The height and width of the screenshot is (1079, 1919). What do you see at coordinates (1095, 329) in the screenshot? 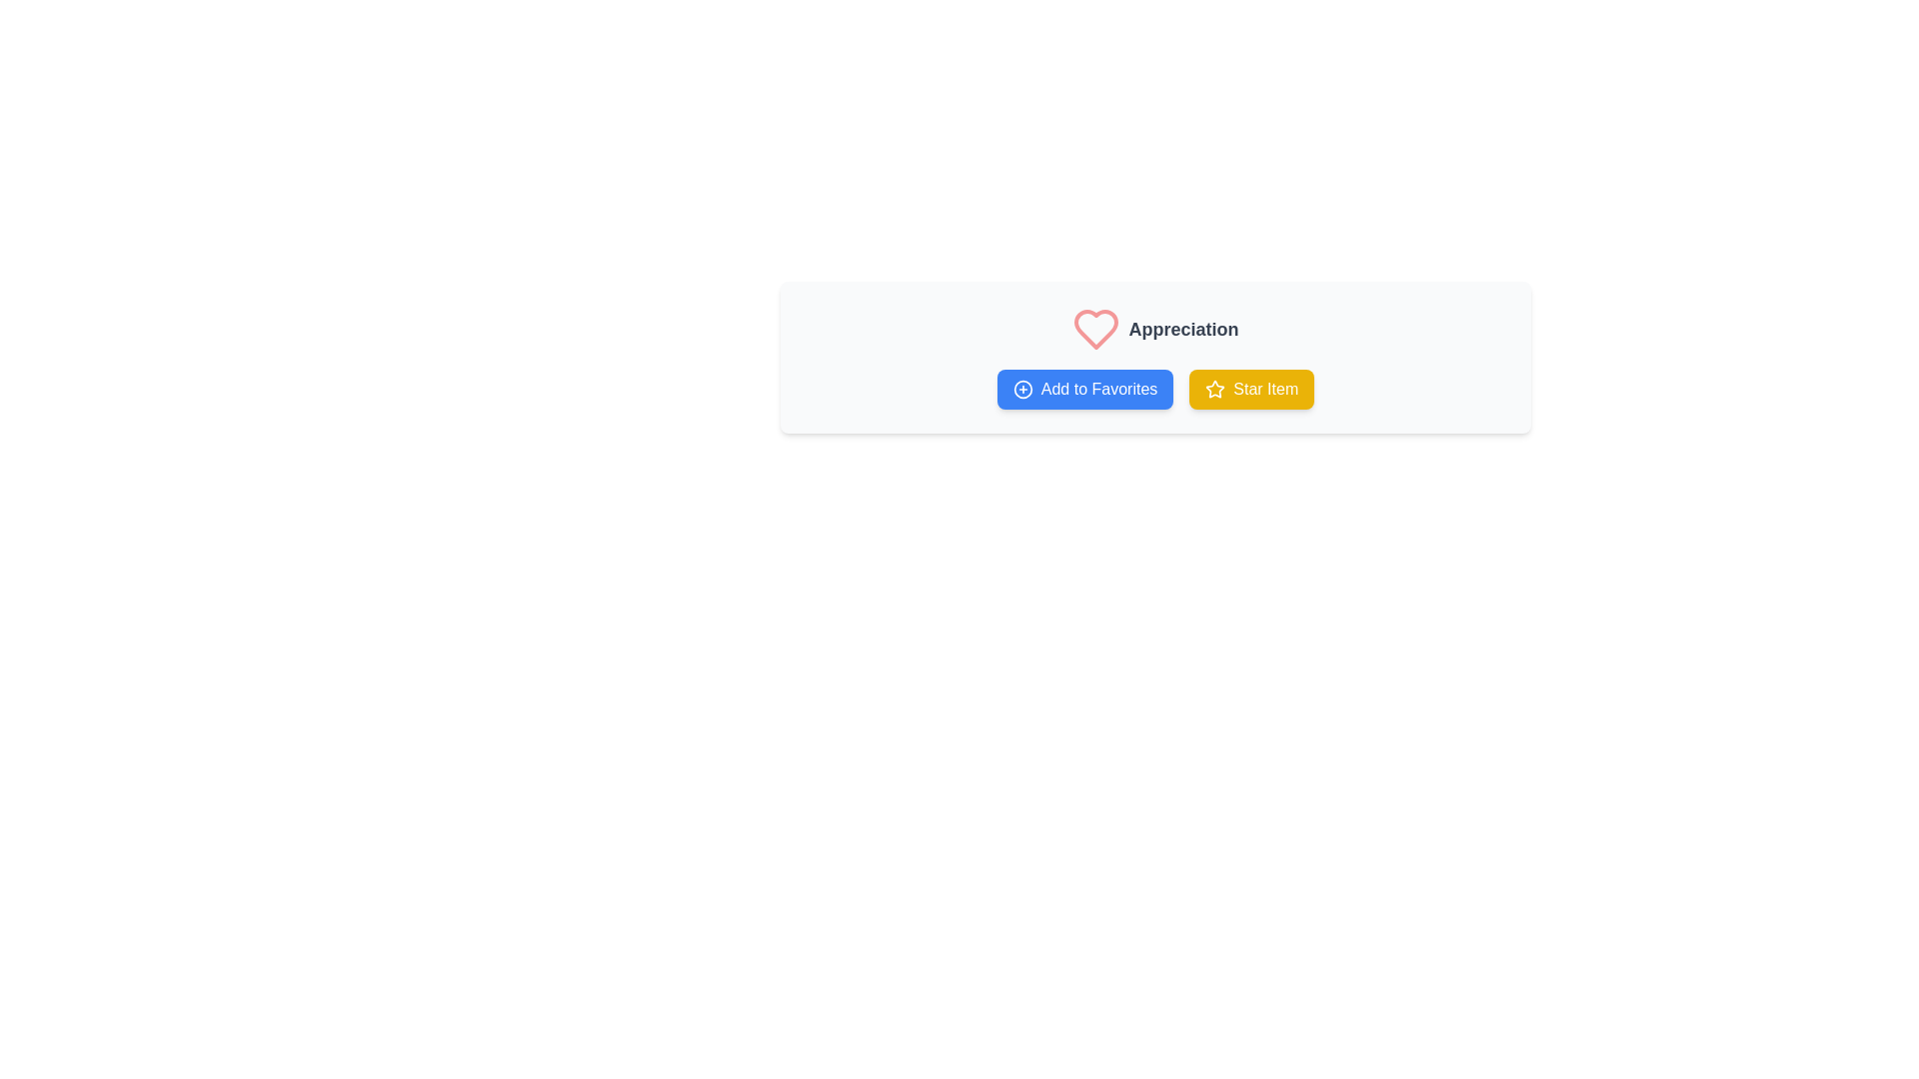
I see `the decorative or status-indicating icon located to the left of the text 'Appreciation'` at bounding box center [1095, 329].